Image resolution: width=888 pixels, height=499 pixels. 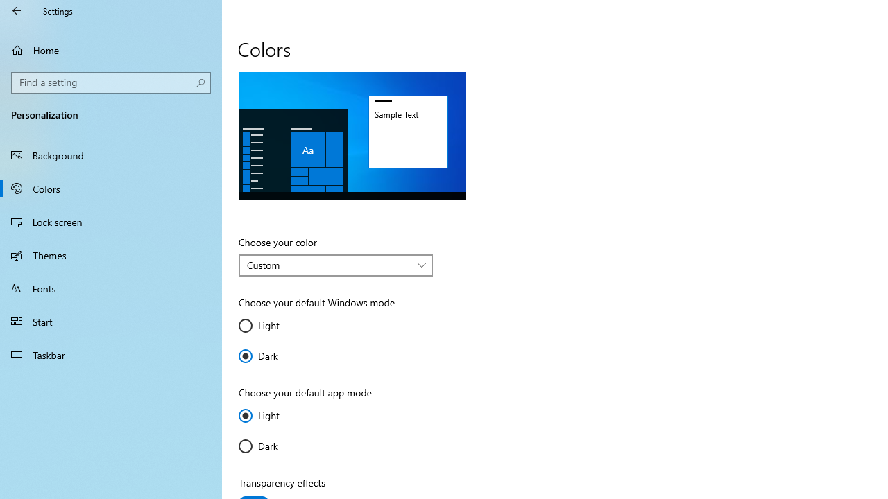 I want to click on 'Light', so click(x=279, y=415).